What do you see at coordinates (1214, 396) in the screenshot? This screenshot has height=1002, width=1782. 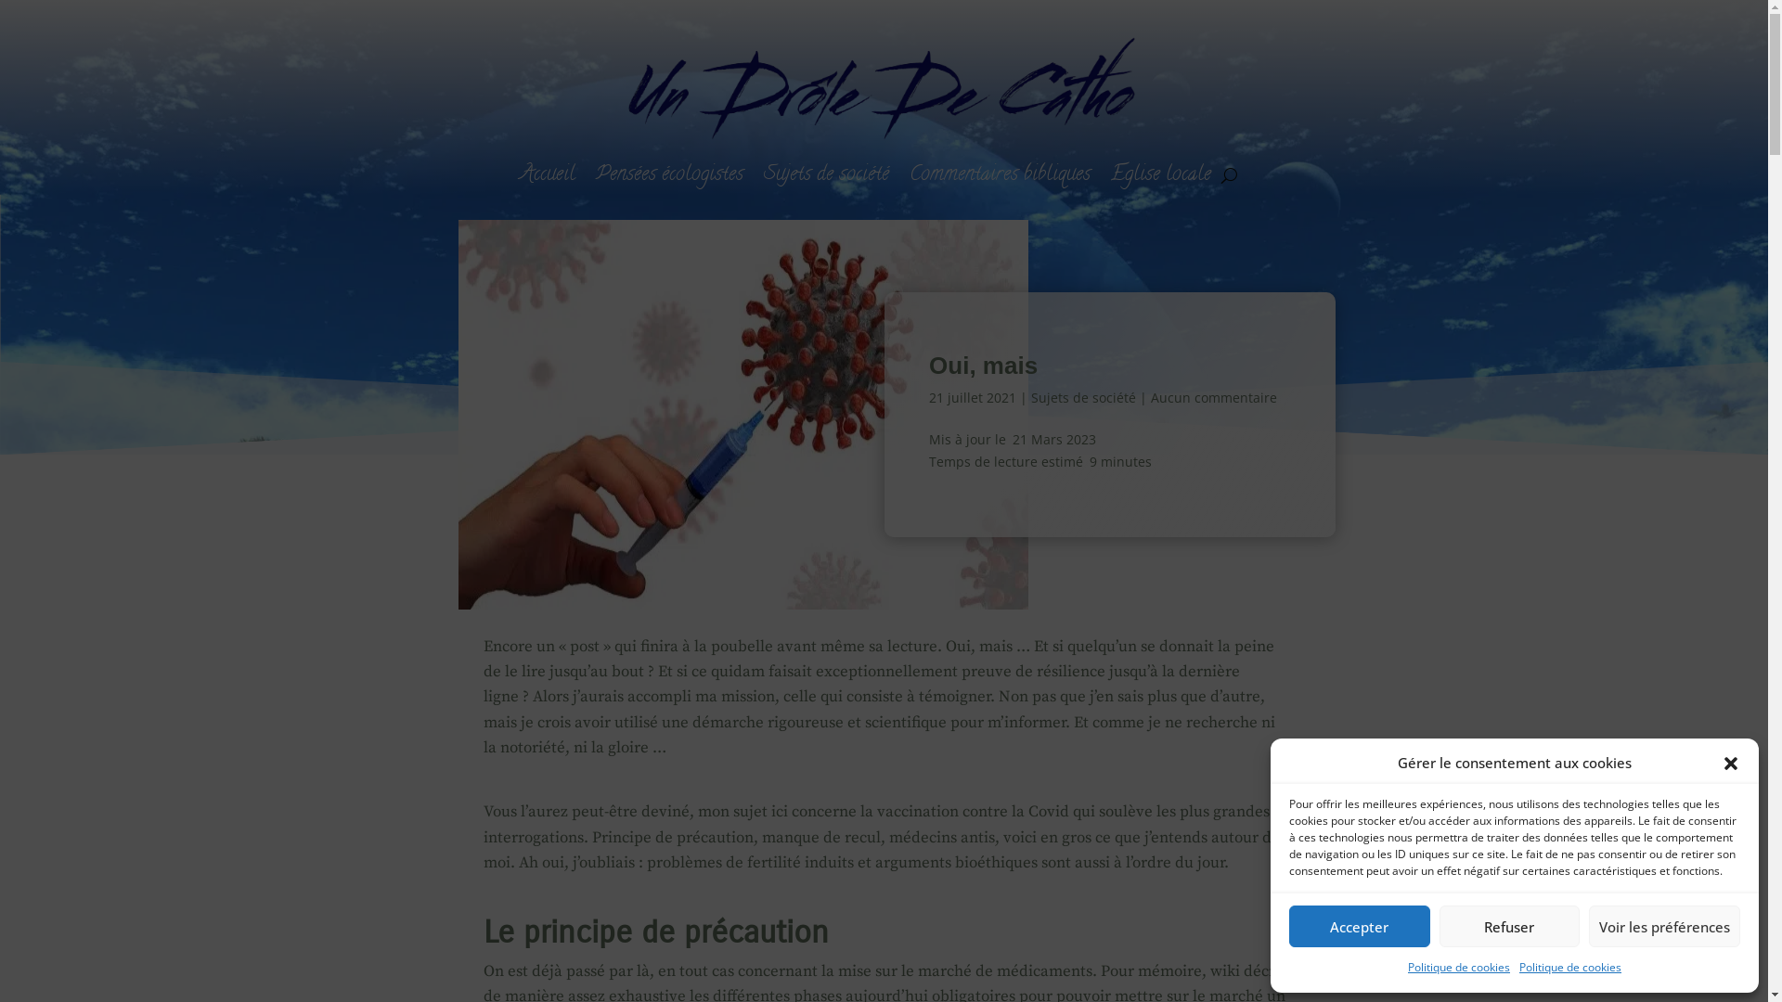 I see `'Aucun commentaire'` at bounding box center [1214, 396].